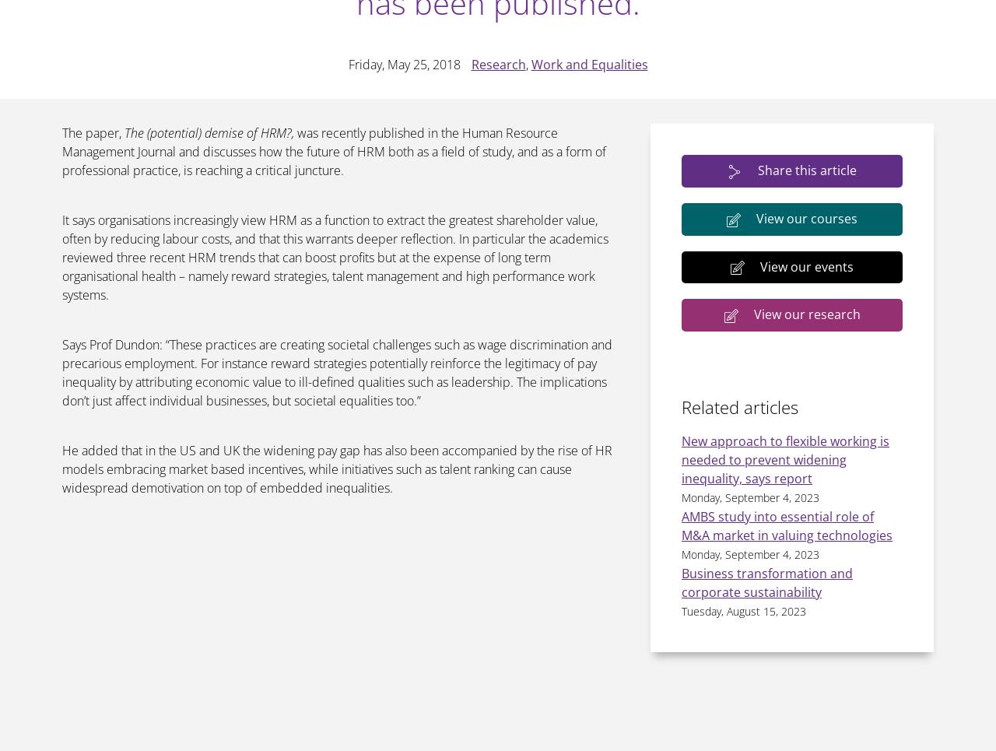 This screenshot has width=996, height=751. I want to click on 'Work and Equalities', so click(587, 63).